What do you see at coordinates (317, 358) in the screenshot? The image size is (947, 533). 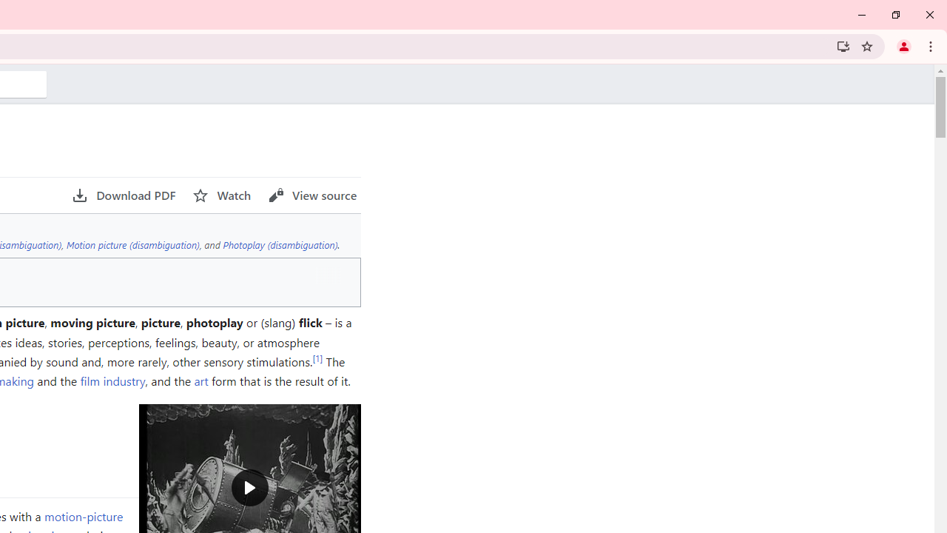 I see `'[1]'` at bounding box center [317, 358].